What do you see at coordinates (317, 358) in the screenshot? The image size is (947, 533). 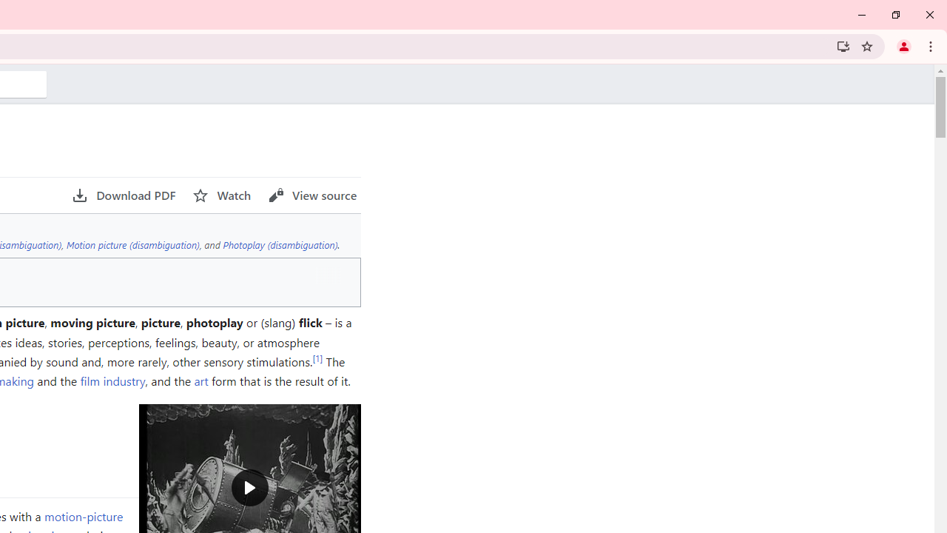 I see `'[1]'` at bounding box center [317, 358].